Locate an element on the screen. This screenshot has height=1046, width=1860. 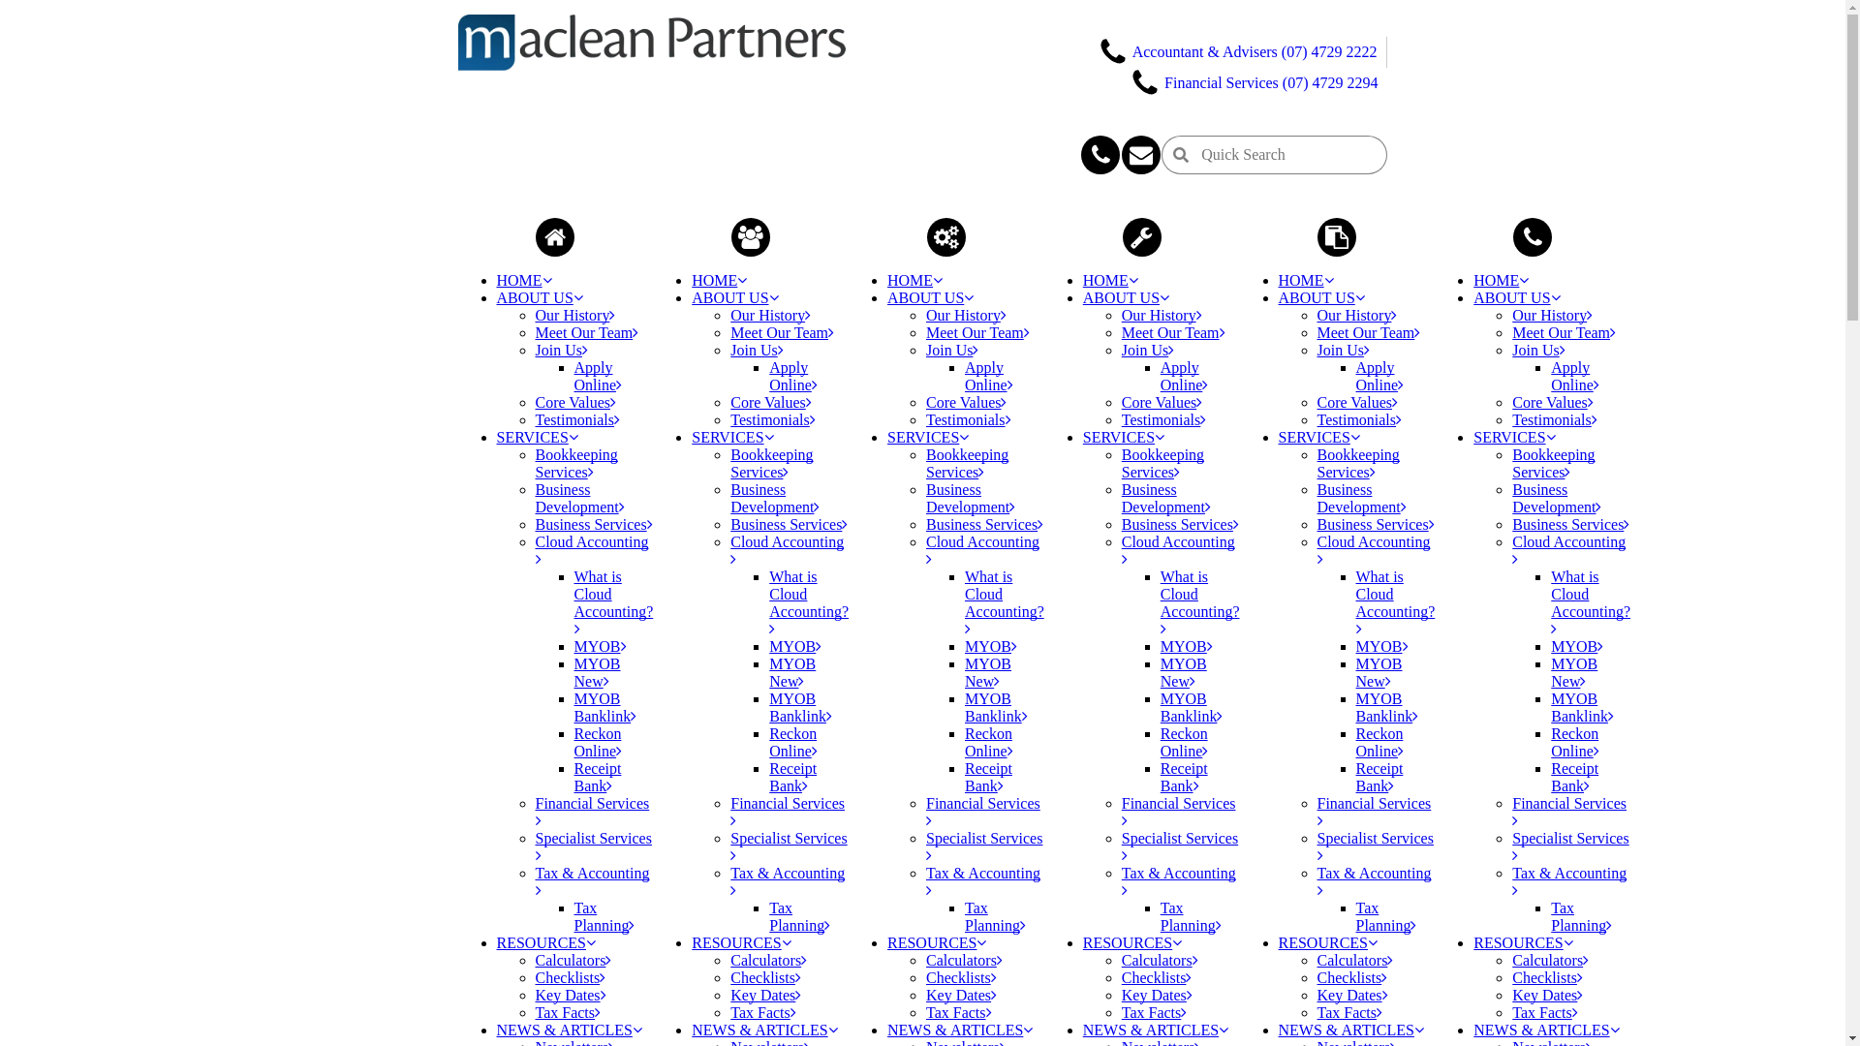
'Testimonials' is located at coordinates (1554, 418).